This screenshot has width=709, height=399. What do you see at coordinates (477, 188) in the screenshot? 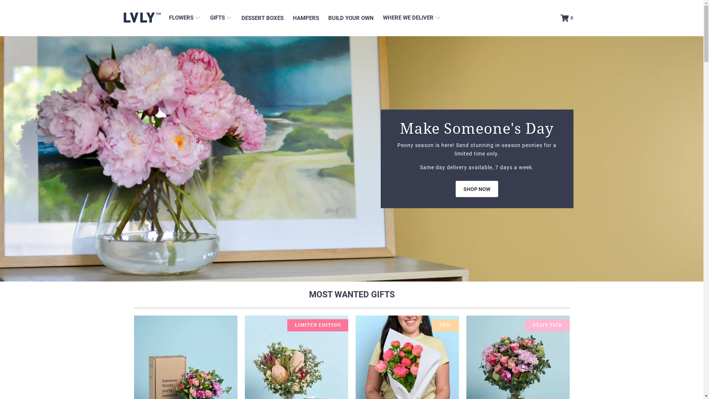
I see `'SHOP NOW'` at bounding box center [477, 188].